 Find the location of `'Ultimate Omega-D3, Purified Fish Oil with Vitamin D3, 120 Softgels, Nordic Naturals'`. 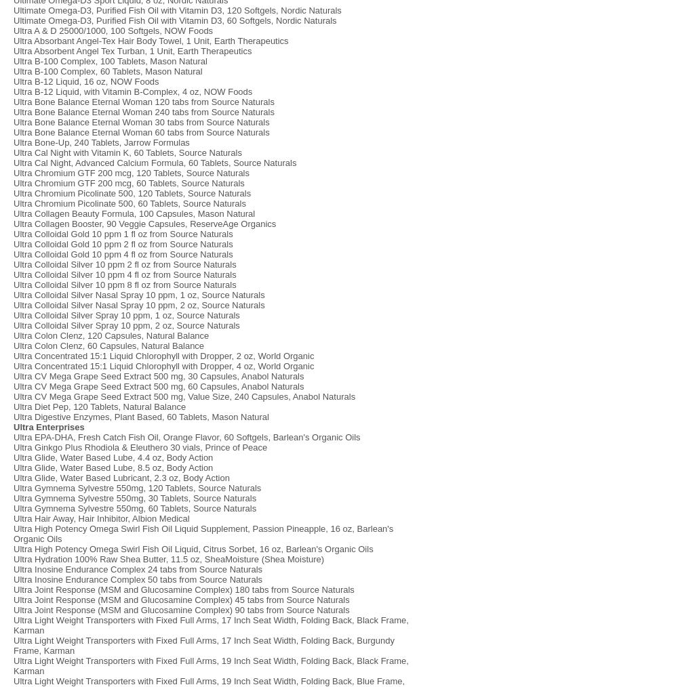

'Ultimate Omega-D3, Purified Fish Oil with Vitamin D3, 120 Softgels, Nordic Naturals' is located at coordinates (177, 9).